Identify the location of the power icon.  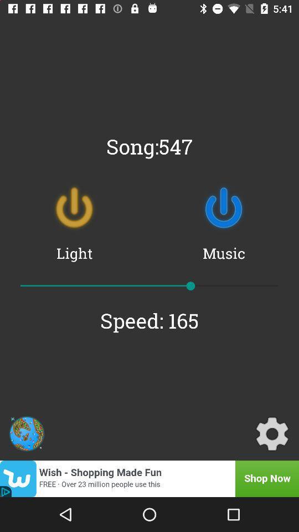
(224, 207).